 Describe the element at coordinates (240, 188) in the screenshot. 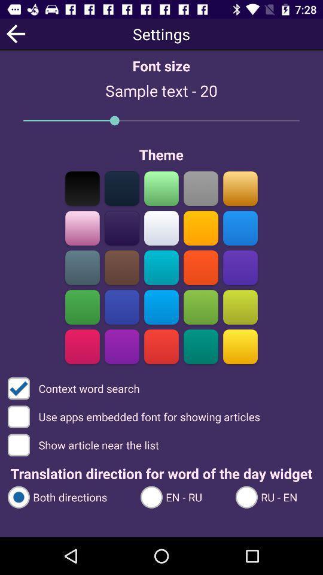

I see `this colour option` at that location.